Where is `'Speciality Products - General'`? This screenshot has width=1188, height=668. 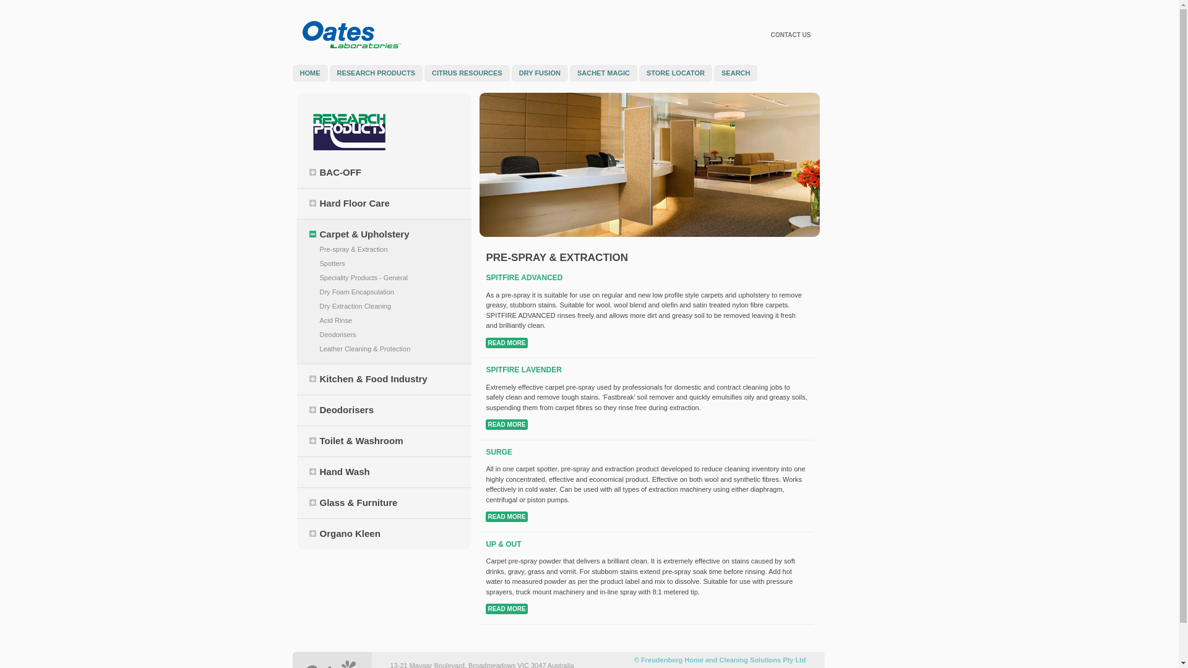
'Speciality Products - General' is located at coordinates (363, 276).